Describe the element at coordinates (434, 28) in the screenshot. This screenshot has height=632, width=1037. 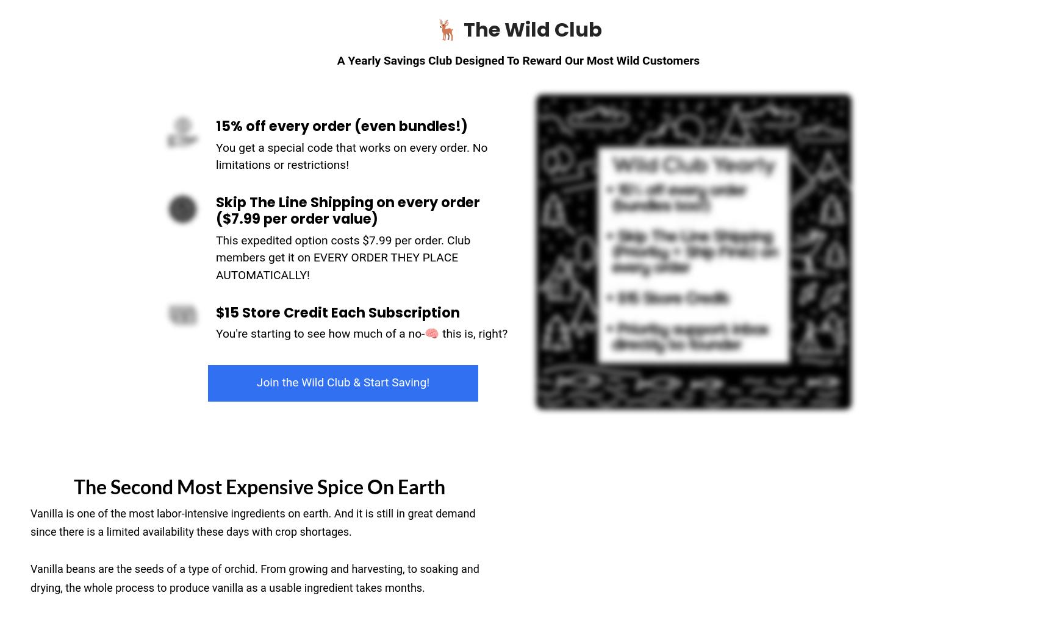
I see `'🦌 The Wild Club'` at that location.